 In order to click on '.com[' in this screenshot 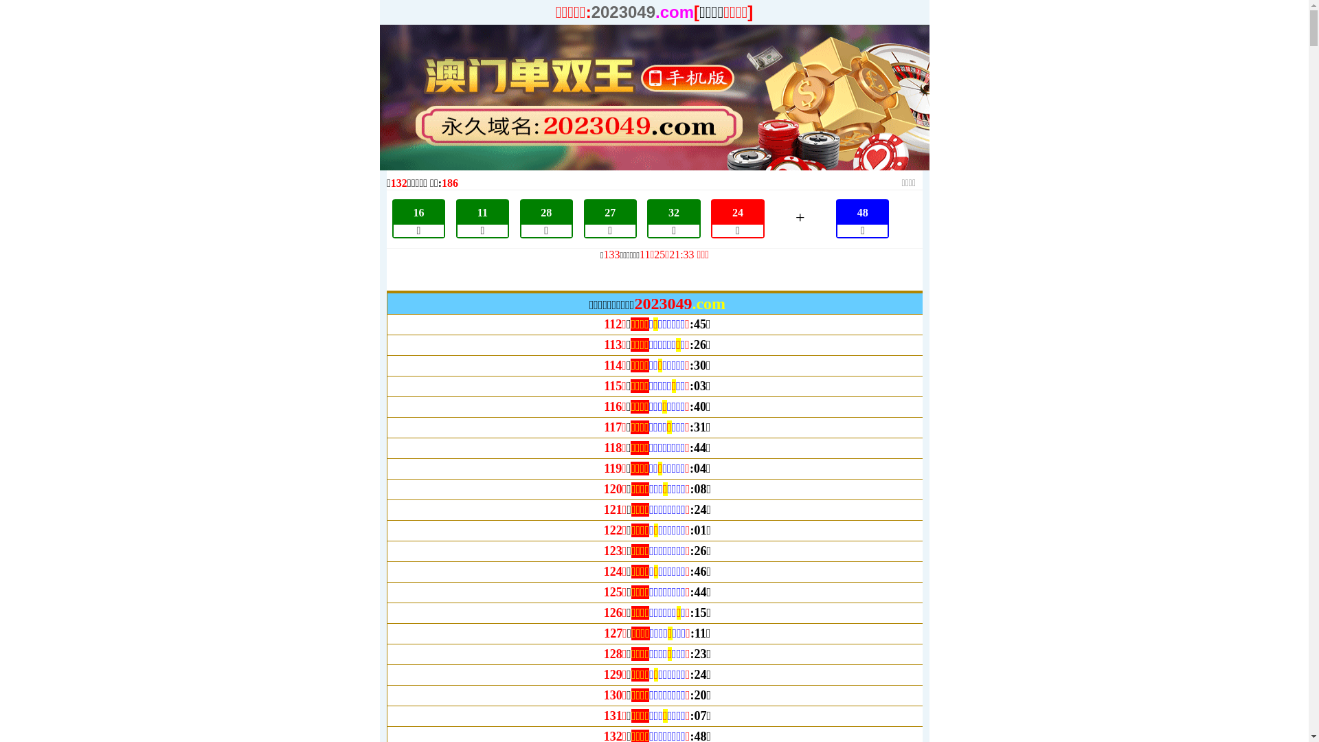, I will do `click(655, 12)`.